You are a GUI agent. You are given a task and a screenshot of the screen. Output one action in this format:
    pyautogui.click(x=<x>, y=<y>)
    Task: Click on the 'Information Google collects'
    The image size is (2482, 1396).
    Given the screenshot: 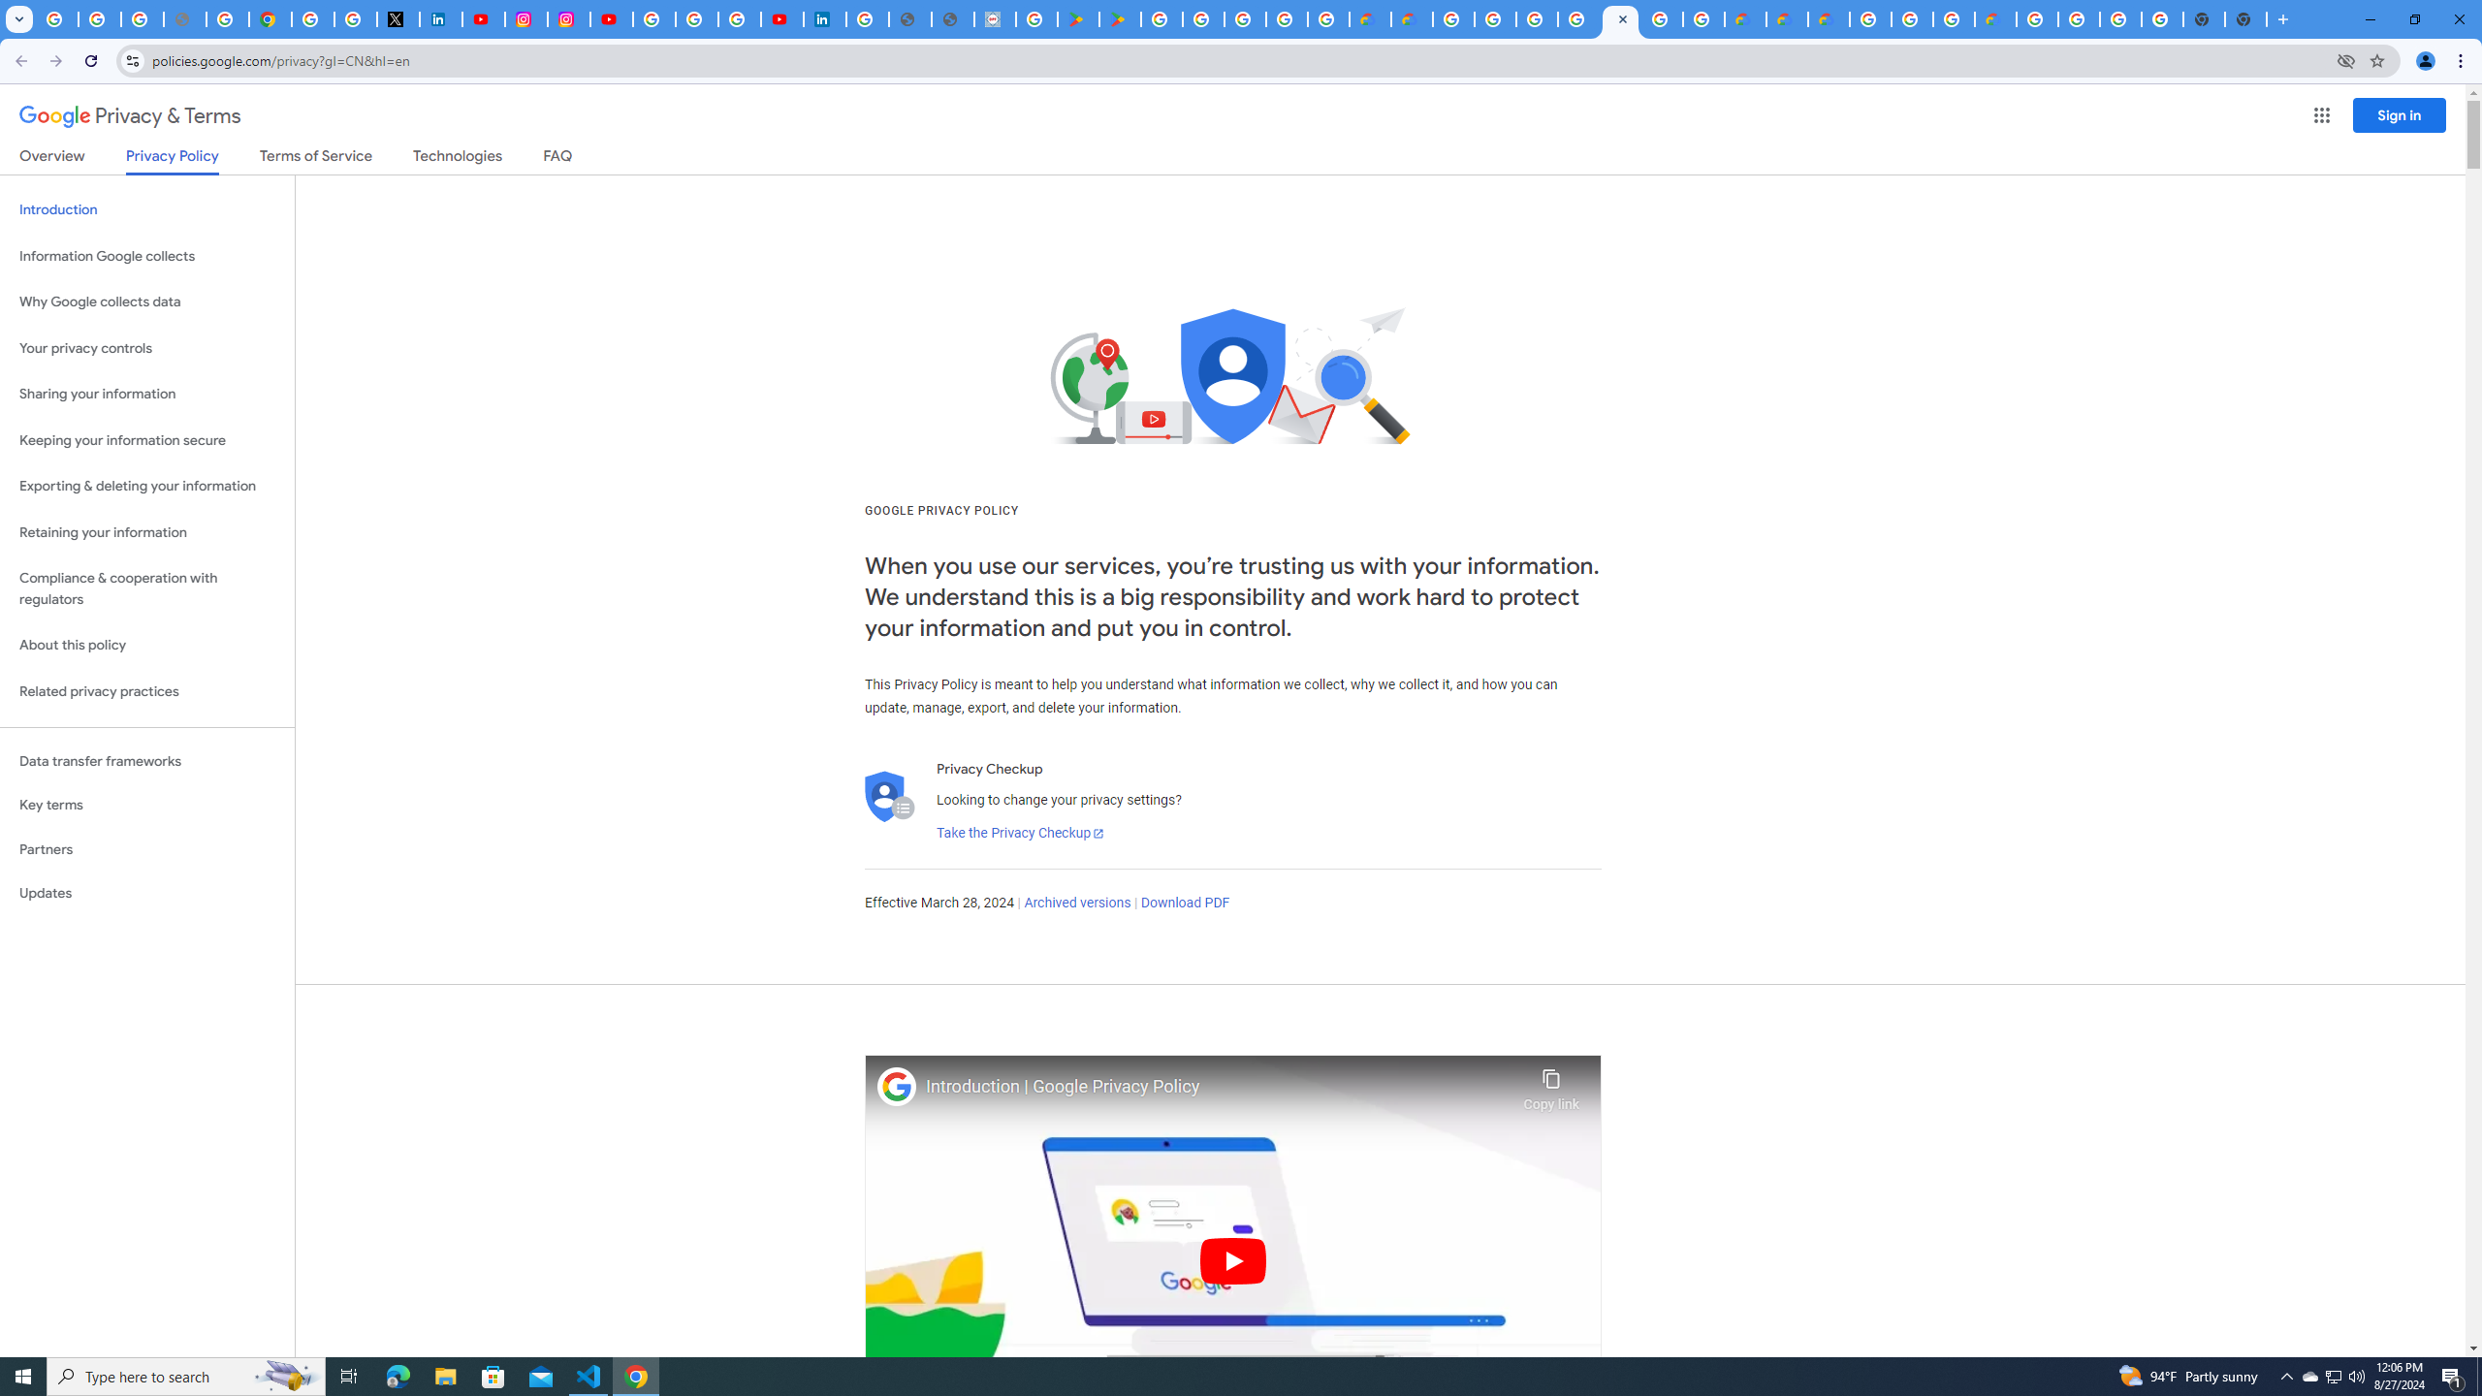 What is the action you would take?
    pyautogui.click(x=146, y=256)
    